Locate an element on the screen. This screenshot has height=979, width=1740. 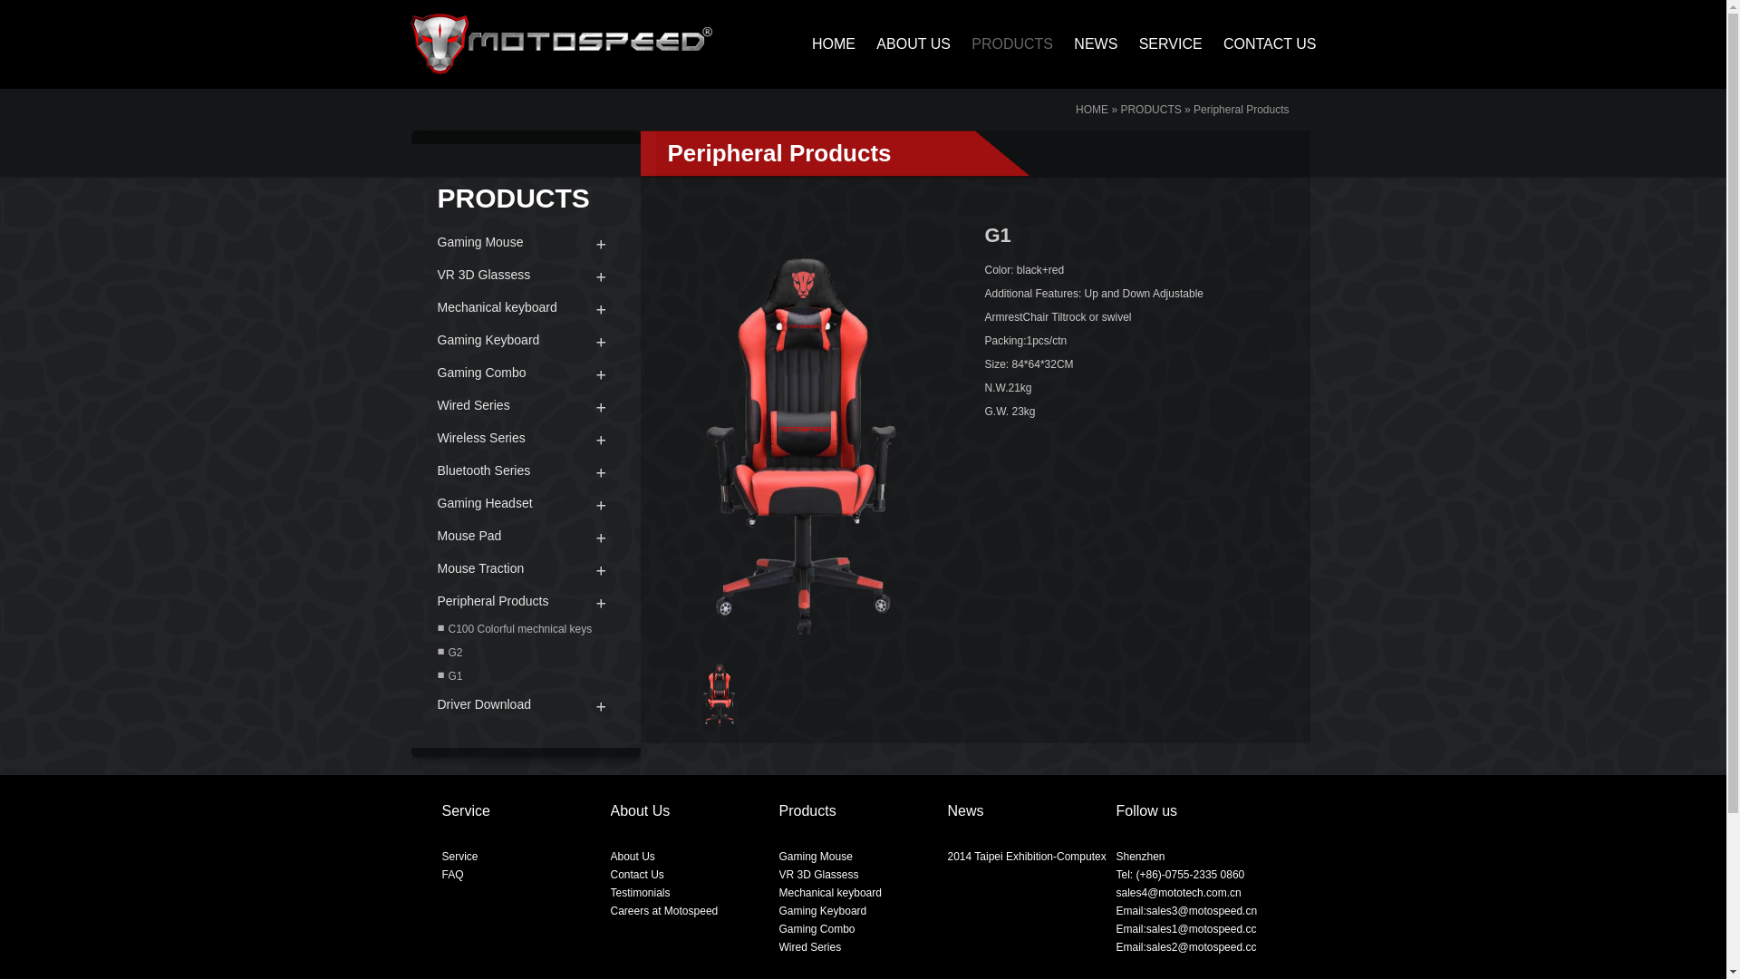
'Gaming Keyboard' is located at coordinates (822, 911).